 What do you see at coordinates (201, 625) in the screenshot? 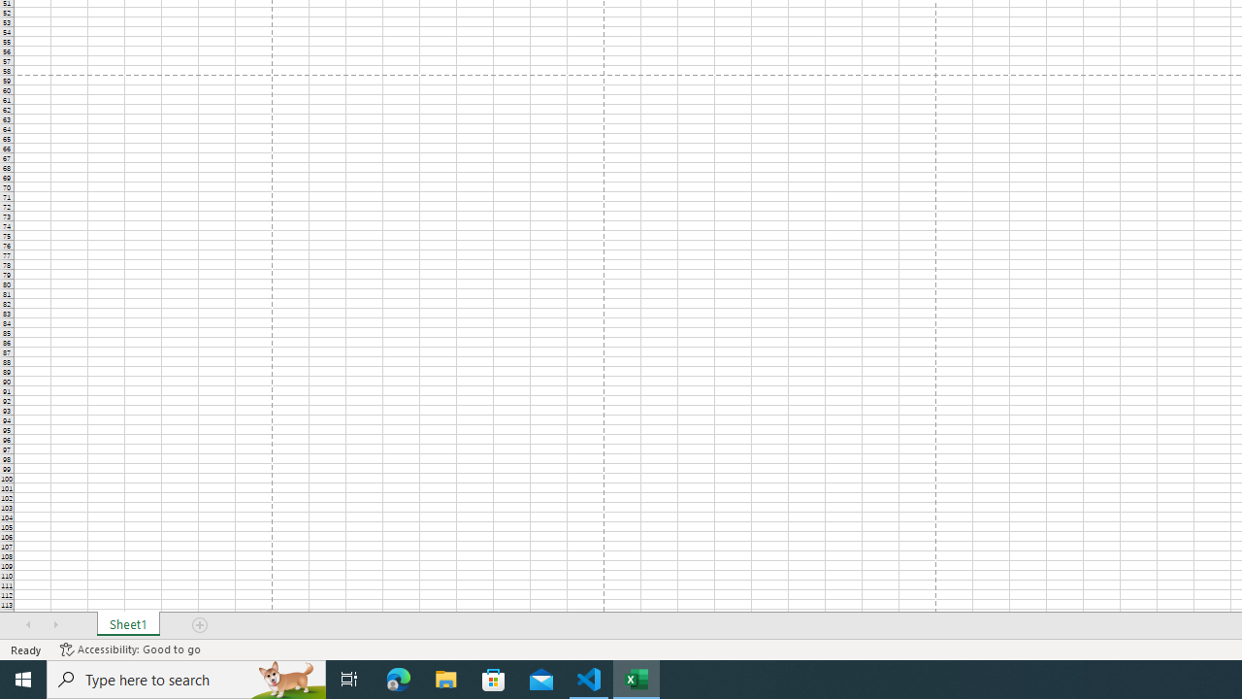
I see `'Add Sheet'` at bounding box center [201, 625].